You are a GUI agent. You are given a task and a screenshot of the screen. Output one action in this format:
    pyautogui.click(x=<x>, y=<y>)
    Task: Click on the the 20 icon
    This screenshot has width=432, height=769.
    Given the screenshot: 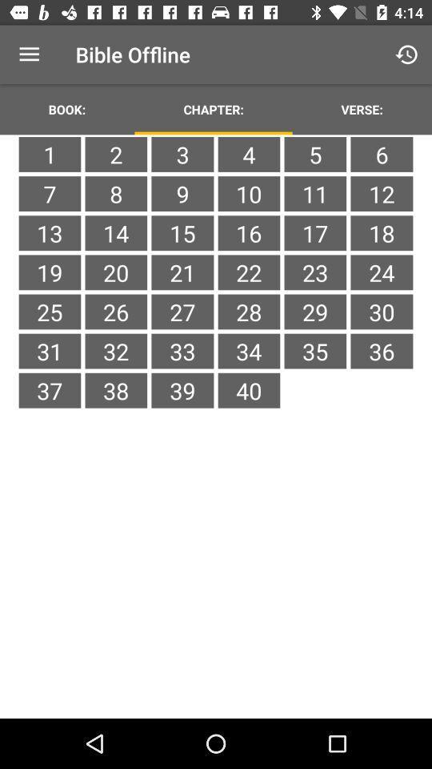 What is the action you would take?
    pyautogui.click(x=115, y=272)
    